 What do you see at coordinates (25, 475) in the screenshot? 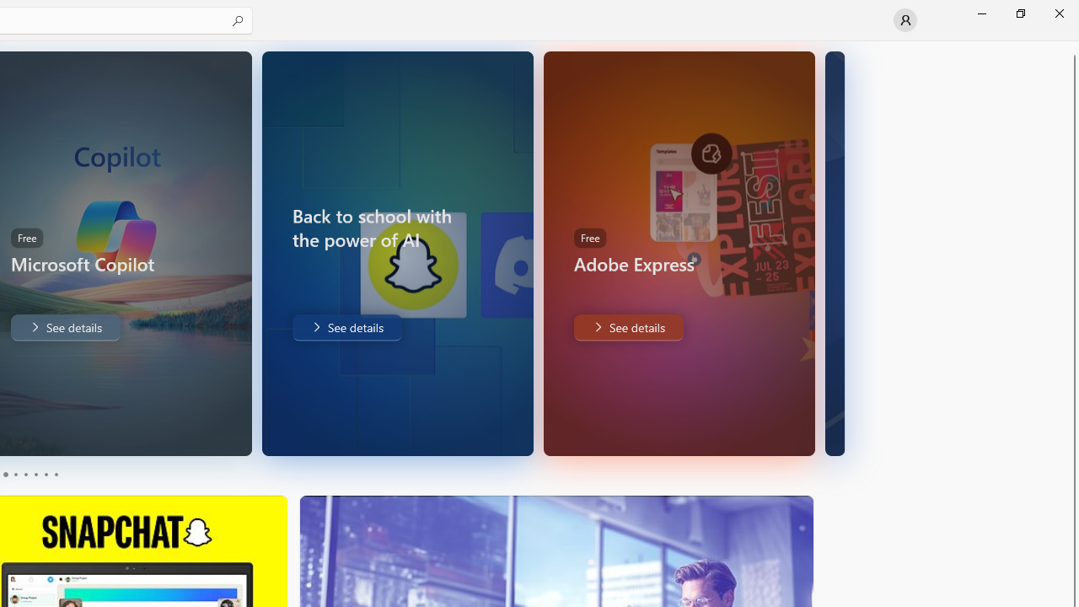
I see `'Page 3'` at bounding box center [25, 475].